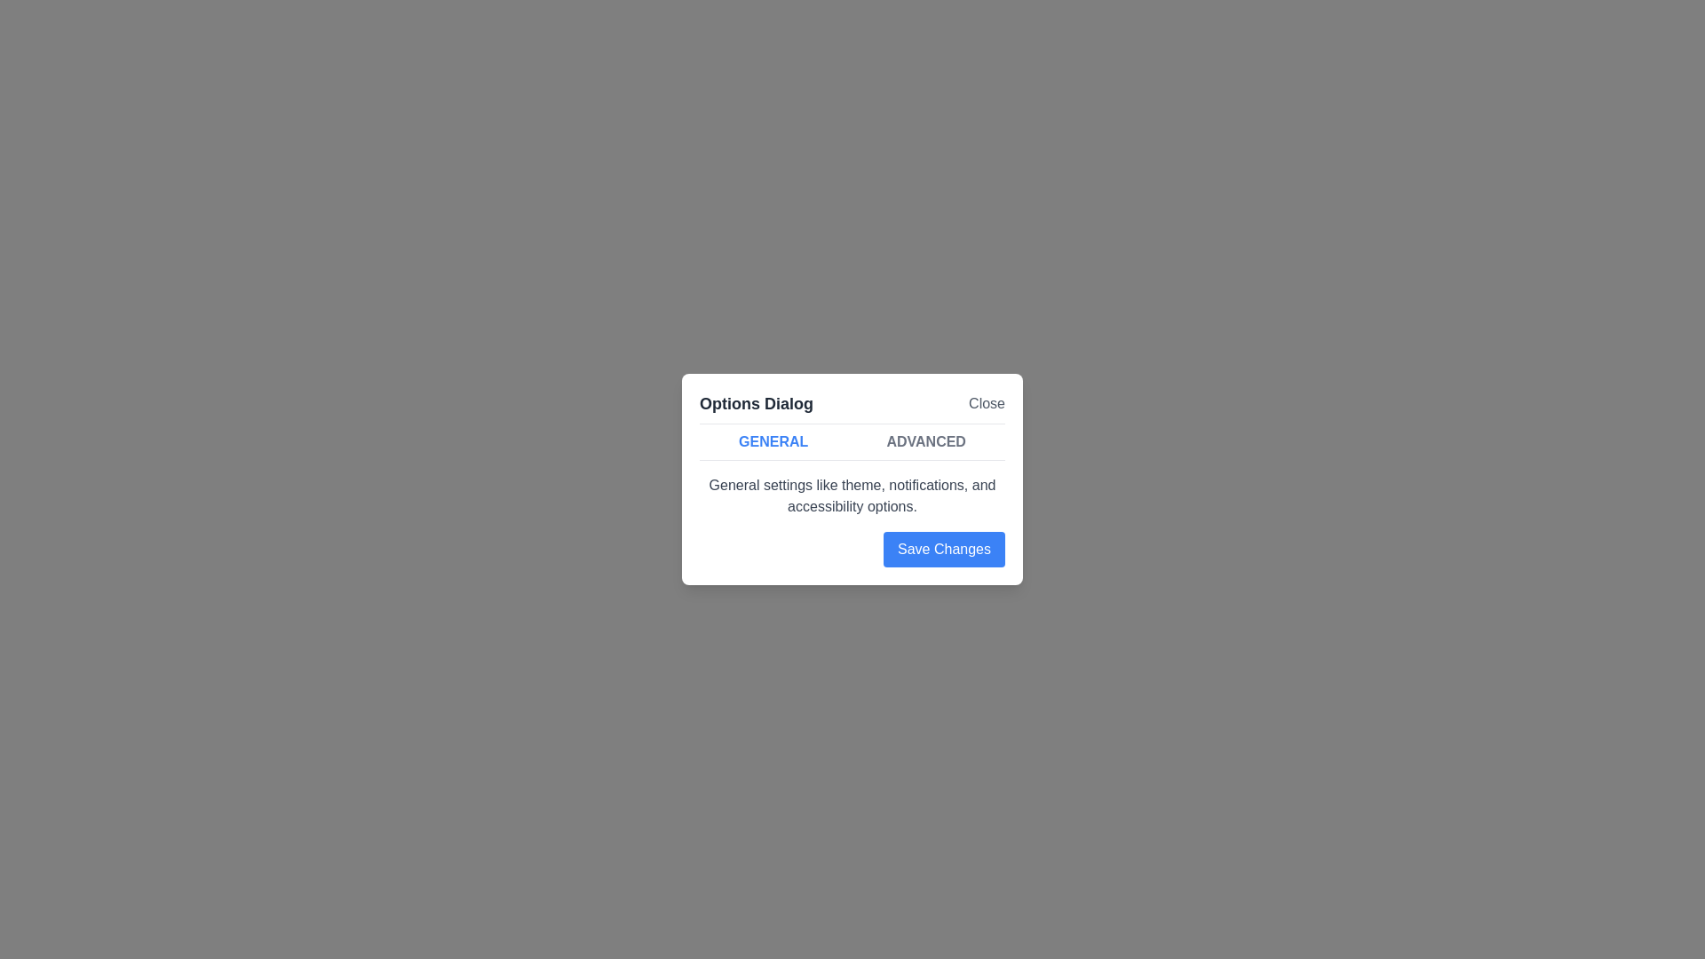 The height and width of the screenshot is (959, 1705). I want to click on 'Close' button to close the dialog, so click(985, 404).